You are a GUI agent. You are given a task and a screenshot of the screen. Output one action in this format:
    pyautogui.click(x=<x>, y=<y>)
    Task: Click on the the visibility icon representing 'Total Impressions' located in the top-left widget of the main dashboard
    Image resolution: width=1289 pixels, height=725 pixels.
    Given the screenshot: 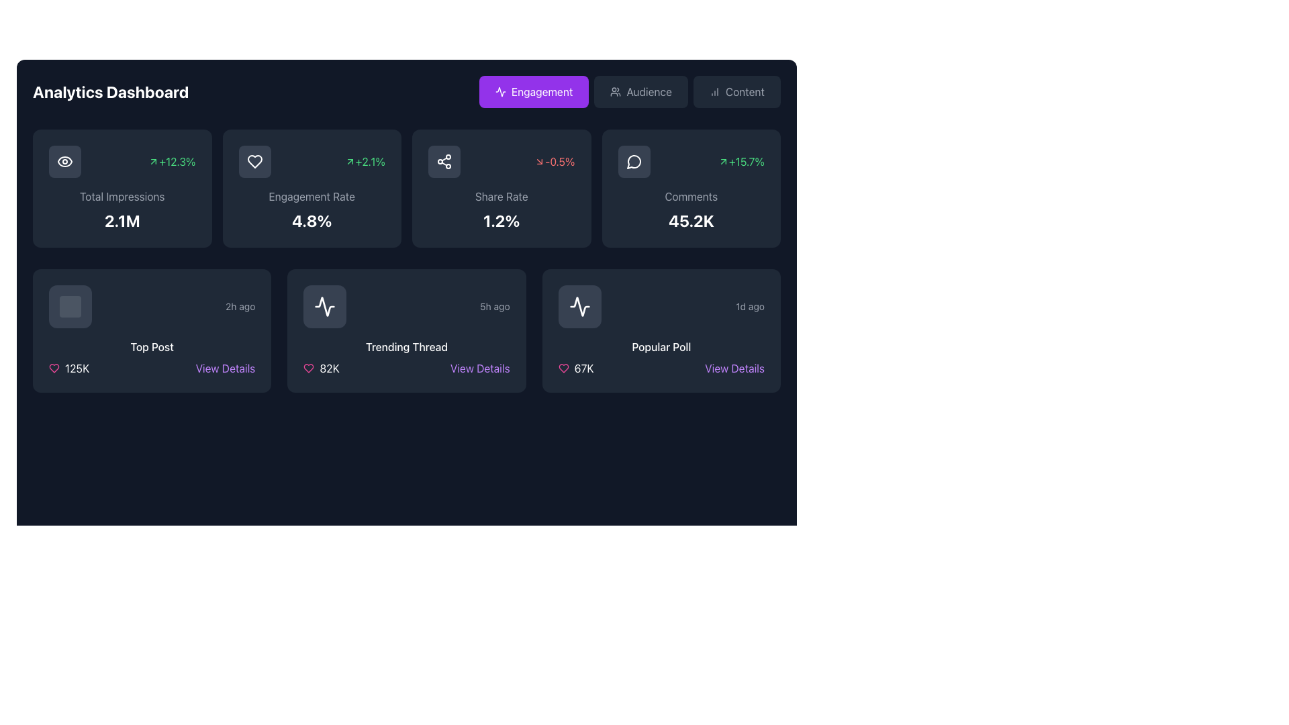 What is the action you would take?
    pyautogui.click(x=64, y=160)
    